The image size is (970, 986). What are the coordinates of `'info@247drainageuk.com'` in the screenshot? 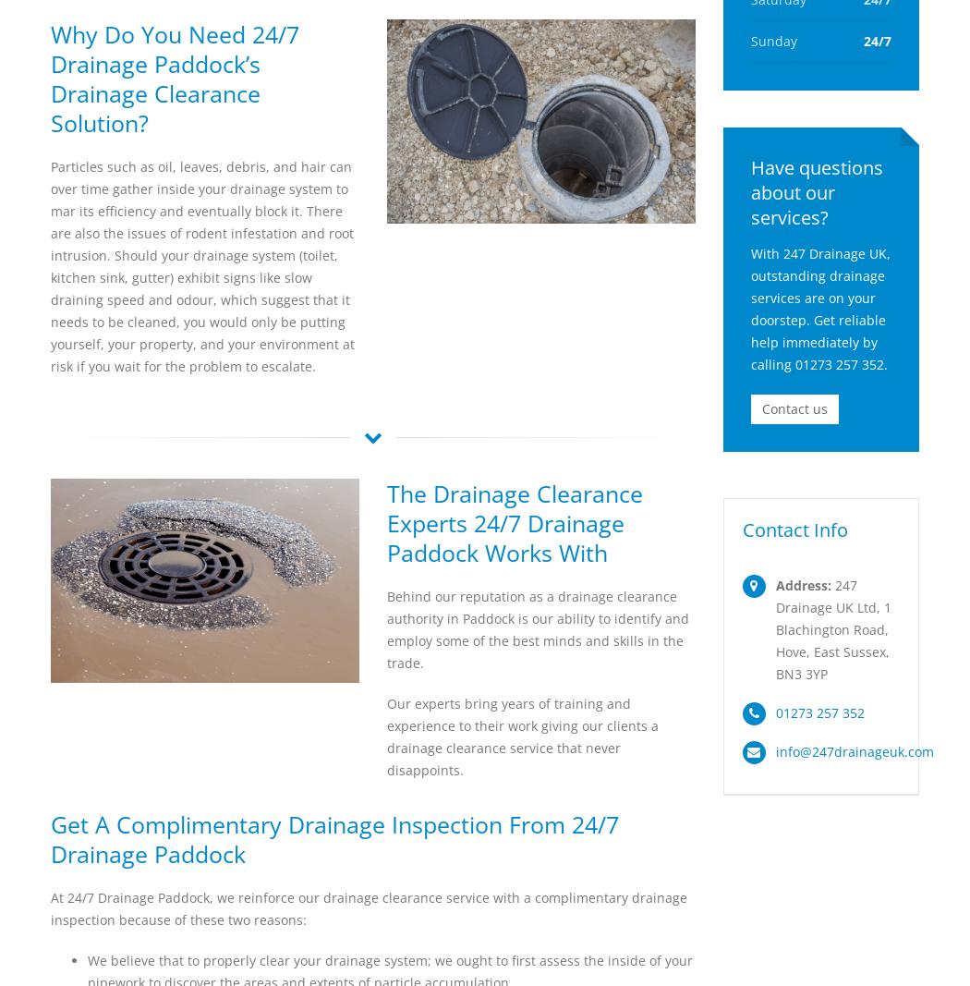 It's located at (854, 750).